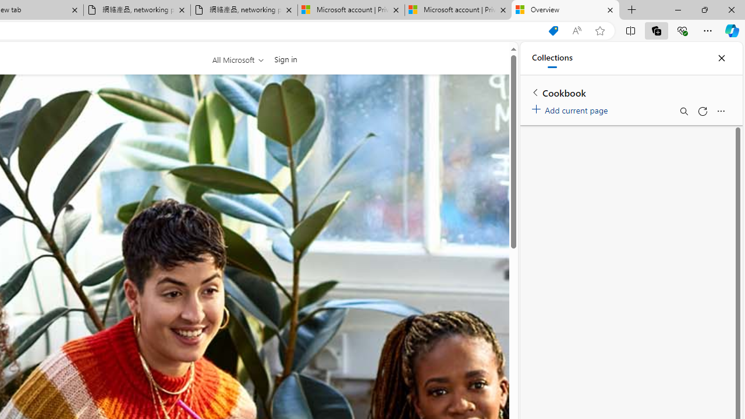  I want to click on 'More options menu', so click(720, 111).